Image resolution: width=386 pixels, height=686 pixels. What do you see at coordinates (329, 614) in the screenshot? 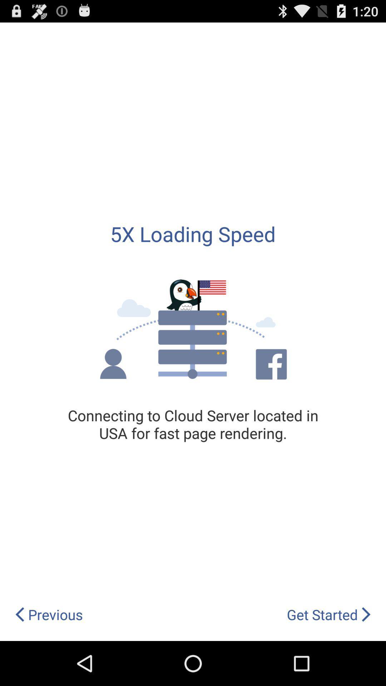
I see `the icon to the right of previous icon` at bounding box center [329, 614].